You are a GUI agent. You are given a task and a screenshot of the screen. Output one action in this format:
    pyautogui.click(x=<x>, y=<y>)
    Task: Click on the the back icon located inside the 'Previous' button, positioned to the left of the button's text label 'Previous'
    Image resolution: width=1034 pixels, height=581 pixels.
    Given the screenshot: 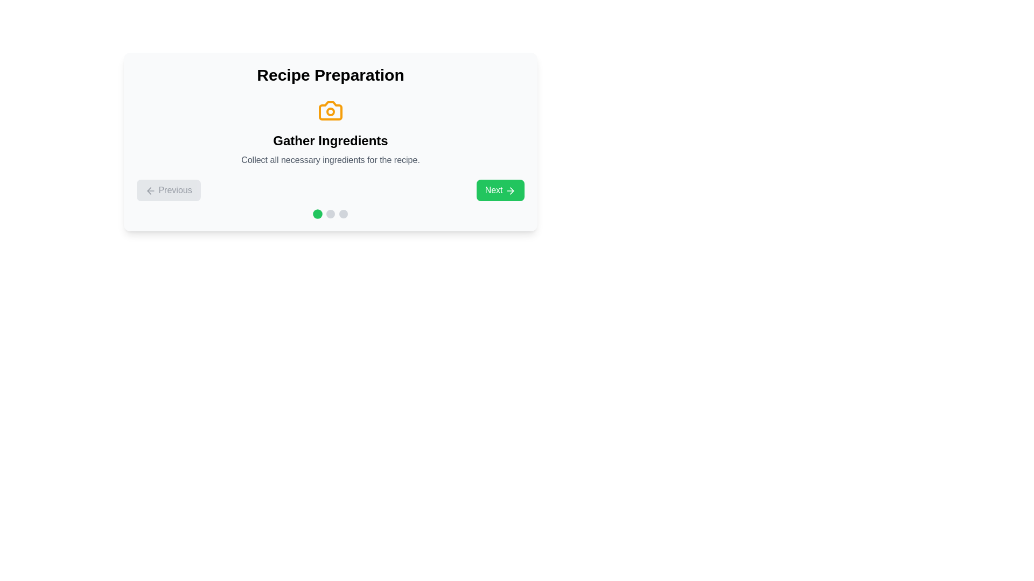 What is the action you would take?
    pyautogui.click(x=150, y=190)
    